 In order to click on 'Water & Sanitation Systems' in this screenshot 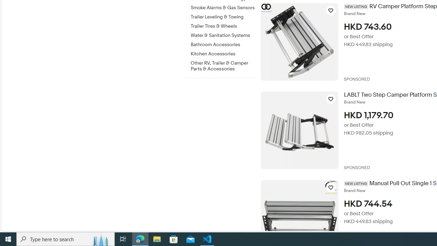, I will do `click(223, 34)`.